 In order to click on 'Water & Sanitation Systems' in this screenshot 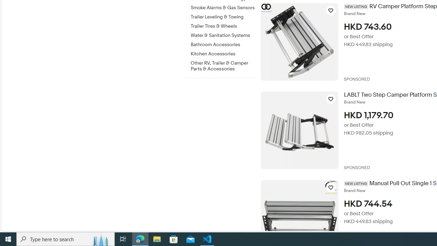, I will do `click(223, 34)`.